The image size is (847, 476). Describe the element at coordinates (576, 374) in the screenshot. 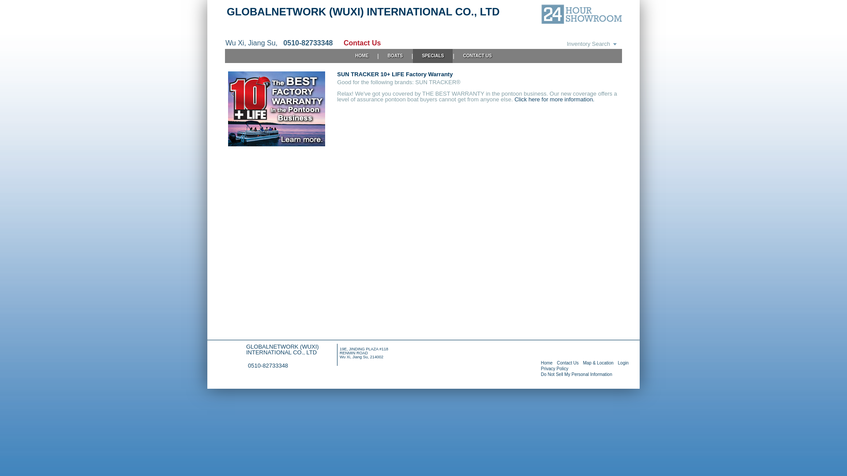

I see `'Do Not Sell My Personal Information'` at that location.